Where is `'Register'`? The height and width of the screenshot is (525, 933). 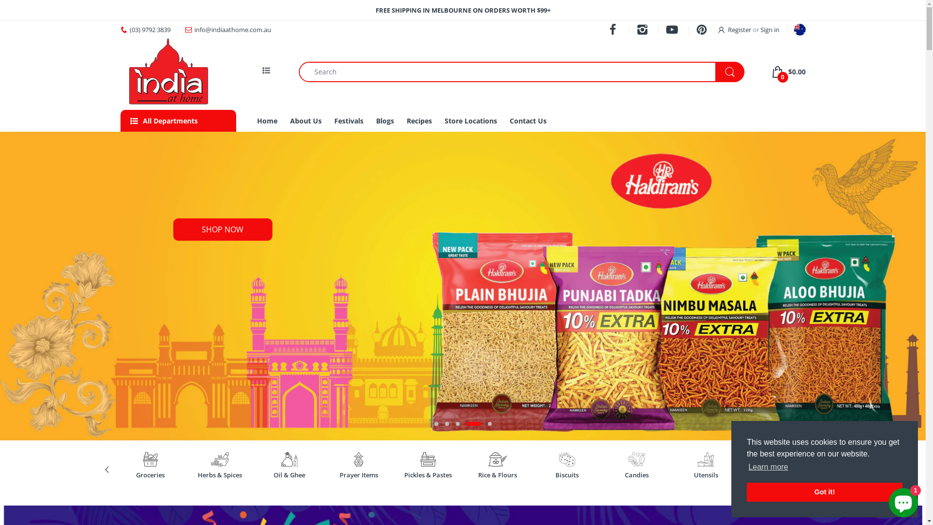
'Register' is located at coordinates (735, 29).